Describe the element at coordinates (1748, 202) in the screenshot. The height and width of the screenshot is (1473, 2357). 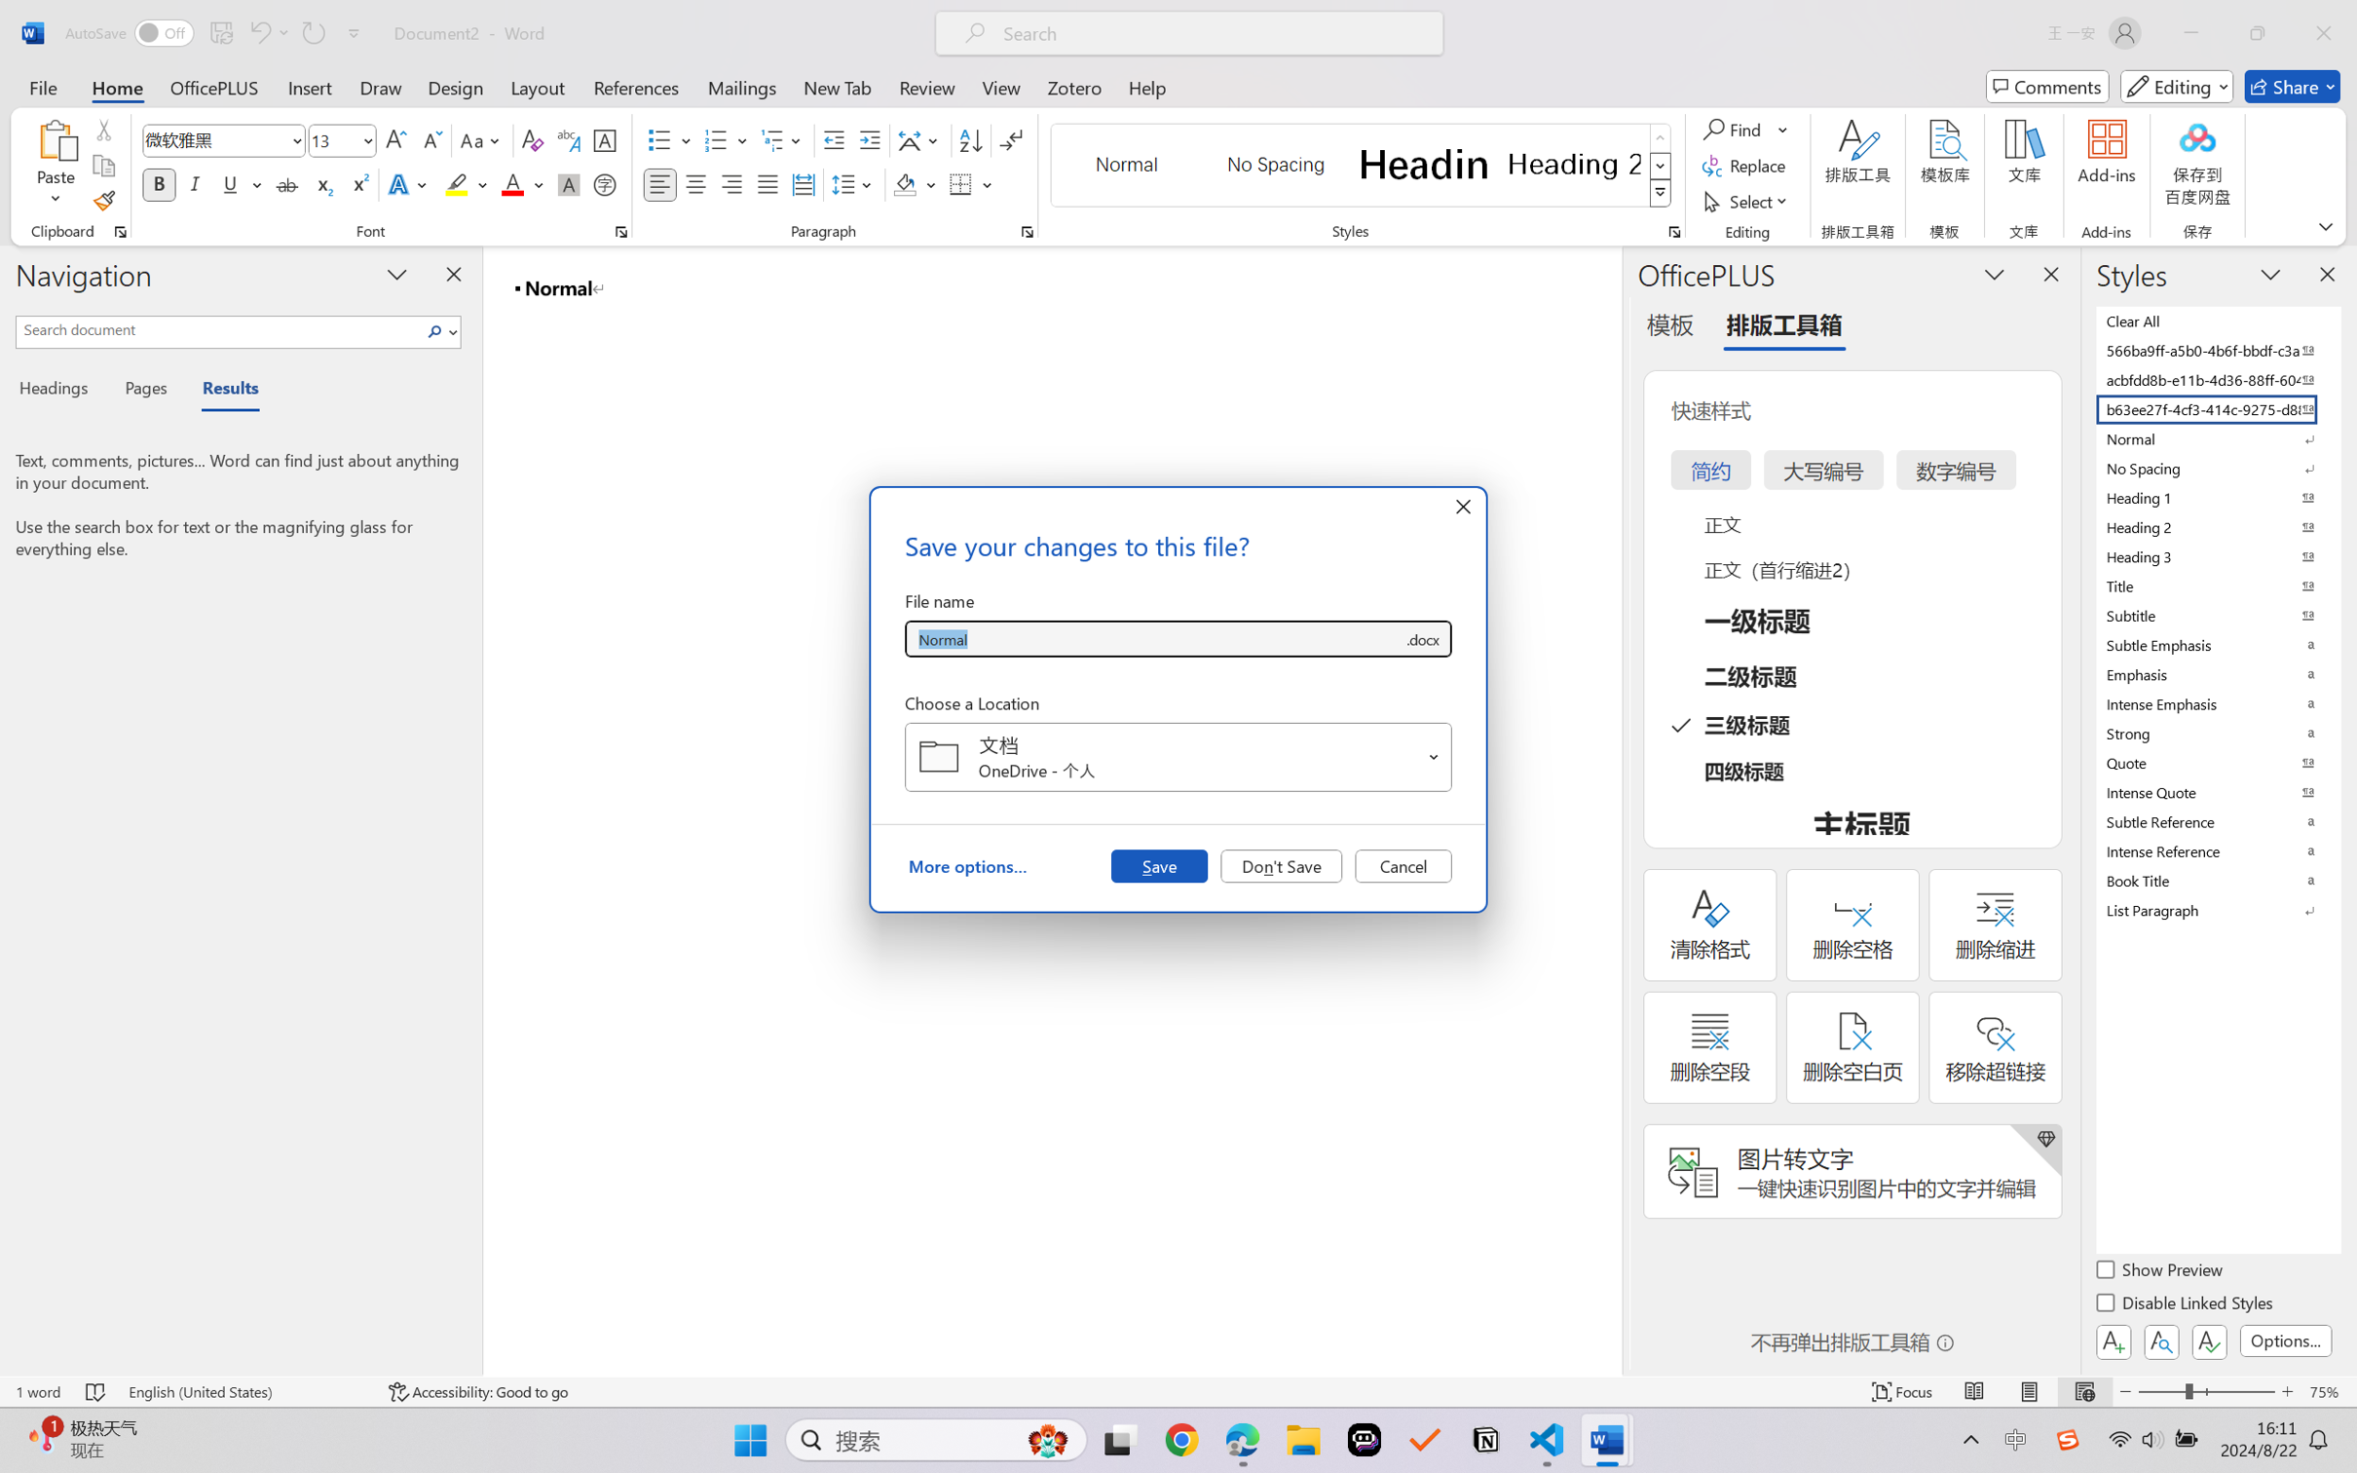
I see `'Select'` at that location.